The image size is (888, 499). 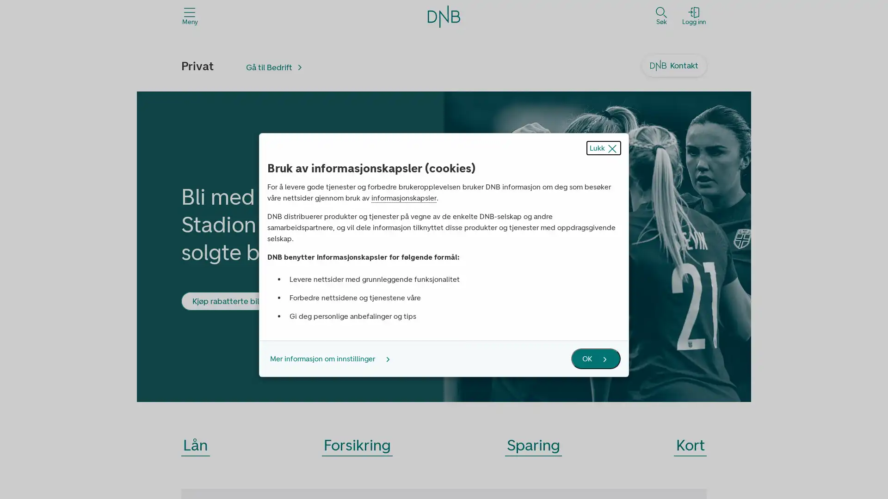 I want to click on OK, so click(x=596, y=358).